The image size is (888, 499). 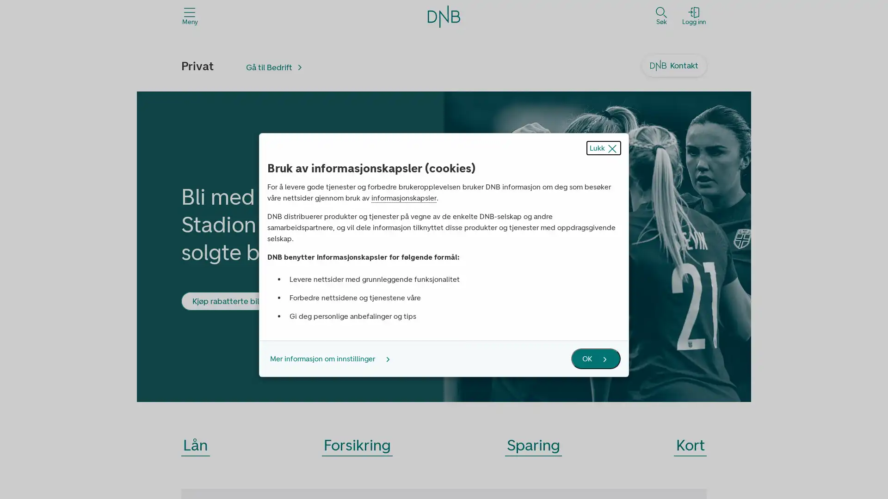 I want to click on OK, so click(x=596, y=358).